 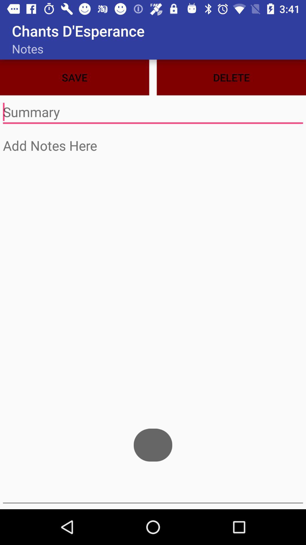 I want to click on screen page, so click(x=153, y=319).